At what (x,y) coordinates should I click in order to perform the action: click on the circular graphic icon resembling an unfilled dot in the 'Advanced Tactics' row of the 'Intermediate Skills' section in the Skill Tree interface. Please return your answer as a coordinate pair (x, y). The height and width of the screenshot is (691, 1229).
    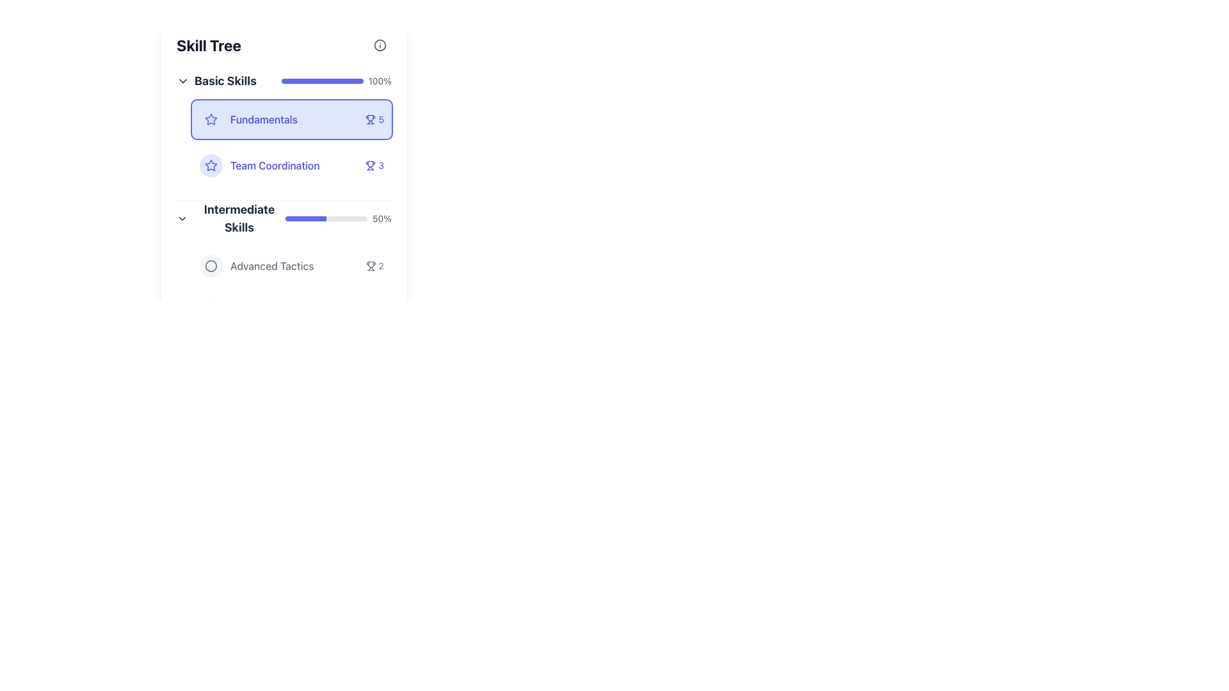
    Looking at the image, I should click on (211, 266).